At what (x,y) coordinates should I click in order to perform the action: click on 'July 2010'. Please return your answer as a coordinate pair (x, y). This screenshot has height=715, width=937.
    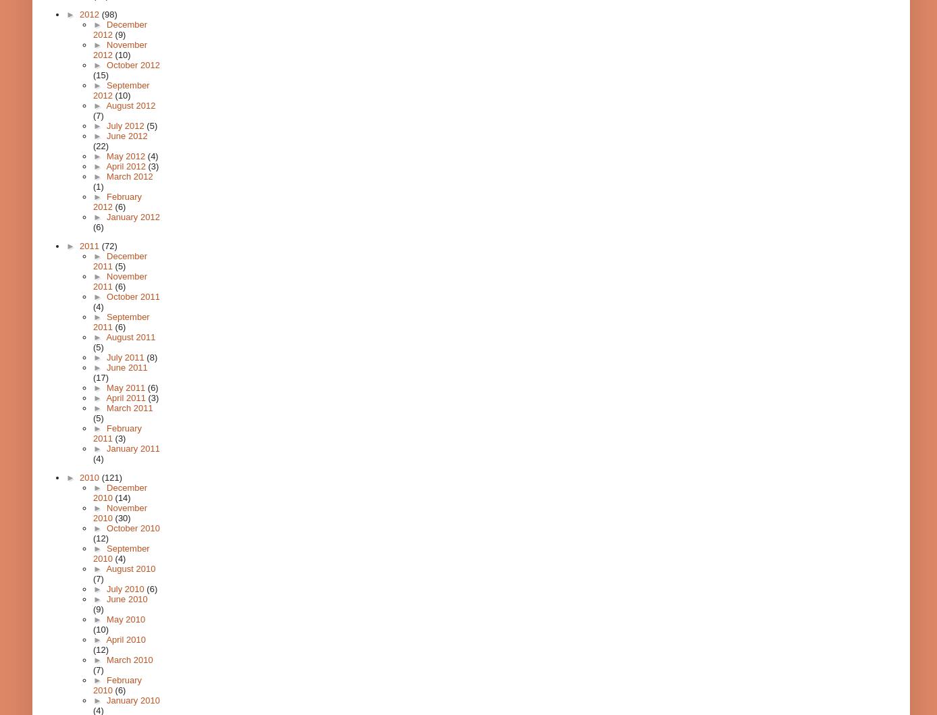
    Looking at the image, I should click on (126, 589).